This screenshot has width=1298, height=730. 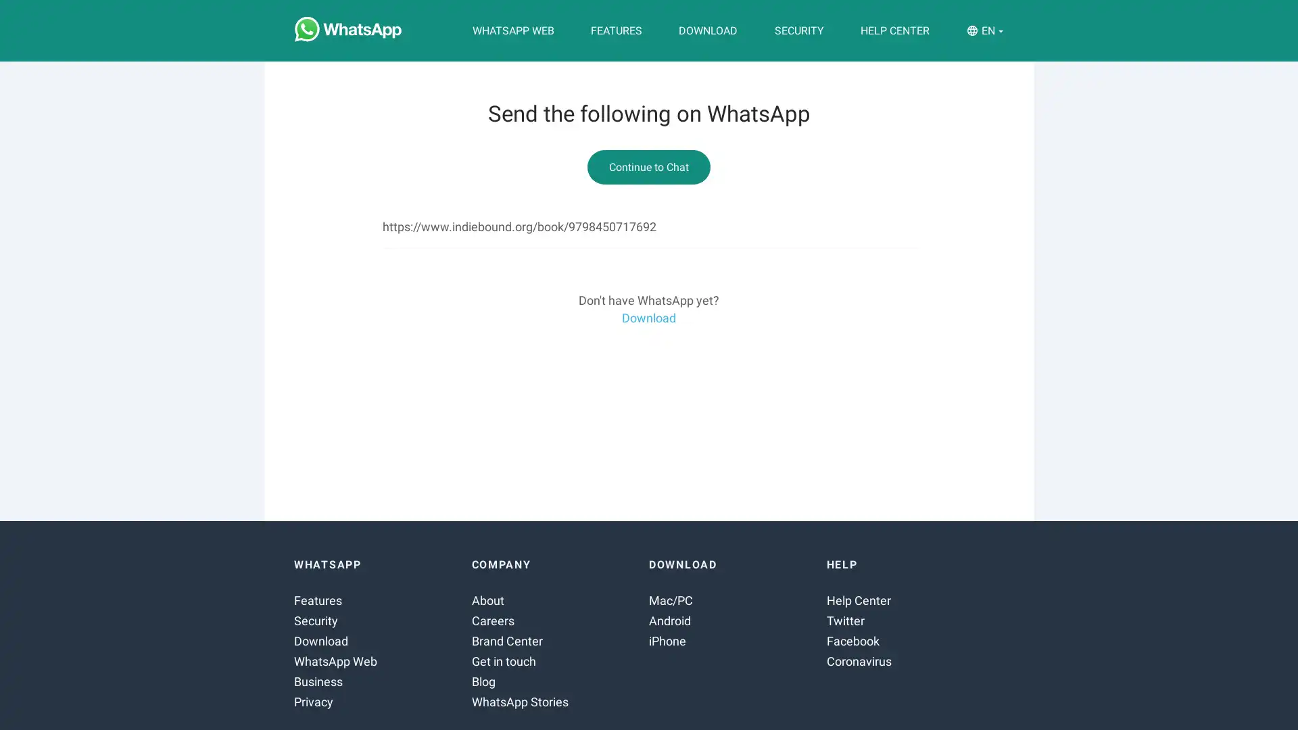 What do you see at coordinates (985, 30) in the screenshot?
I see `EN` at bounding box center [985, 30].